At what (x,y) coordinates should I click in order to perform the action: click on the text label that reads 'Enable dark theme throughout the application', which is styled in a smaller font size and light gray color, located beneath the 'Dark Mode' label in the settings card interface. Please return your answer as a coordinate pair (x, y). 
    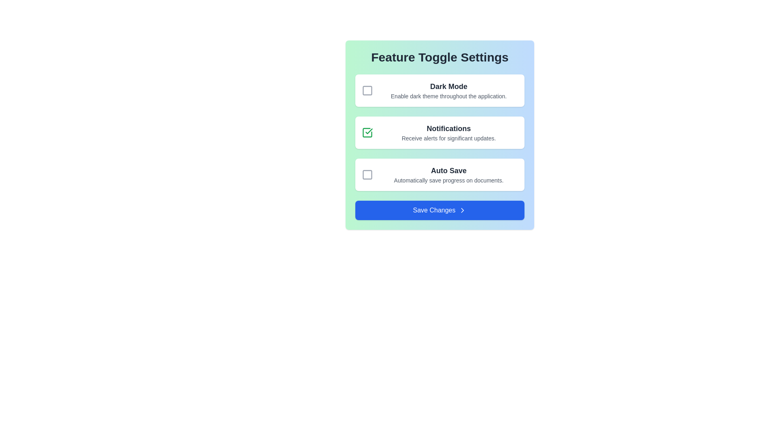
    Looking at the image, I should click on (448, 96).